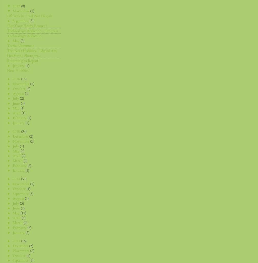 Image resolution: width=258 pixels, height=263 pixels. What do you see at coordinates (25, 222) in the screenshot?
I see `'(9)'` at bounding box center [25, 222].